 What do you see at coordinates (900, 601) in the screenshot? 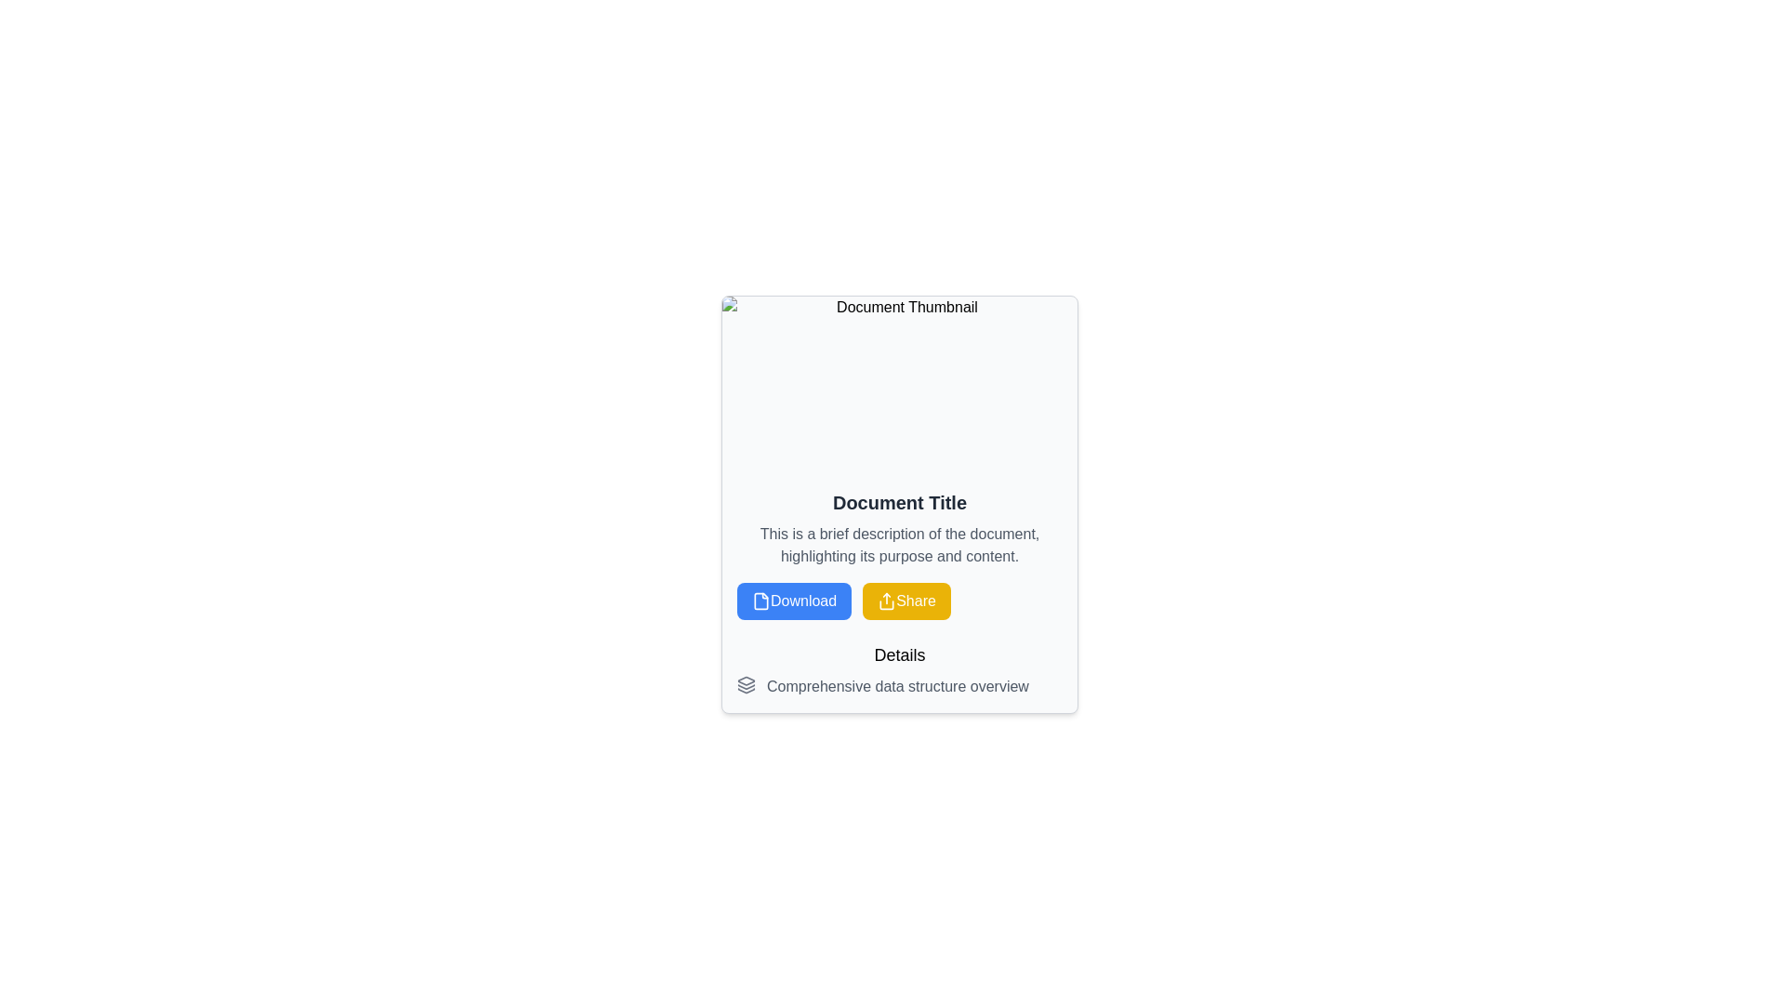
I see `the 'Download' and 'Share' buttons in the button group` at bounding box center [900, 601].